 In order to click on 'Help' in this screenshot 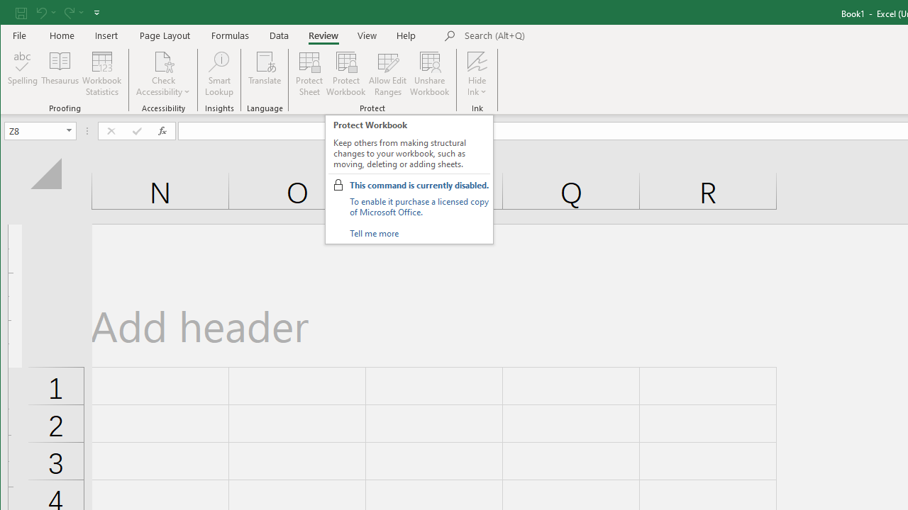, I will do `click(406, 35)`.